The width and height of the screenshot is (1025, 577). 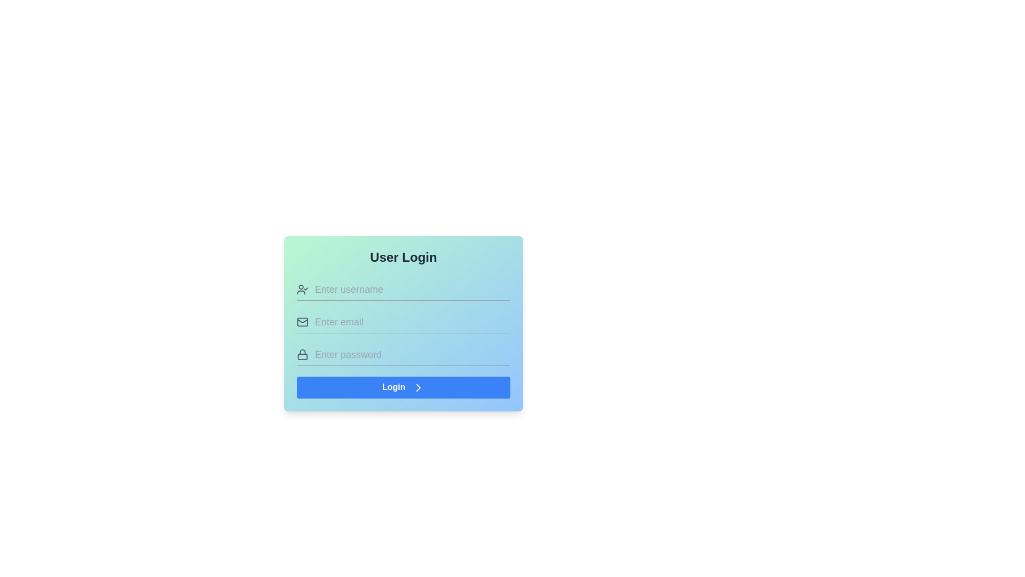 I want to click on the 'Submit' button located at the bottom of the User Login form, so click(x=403, y=387).